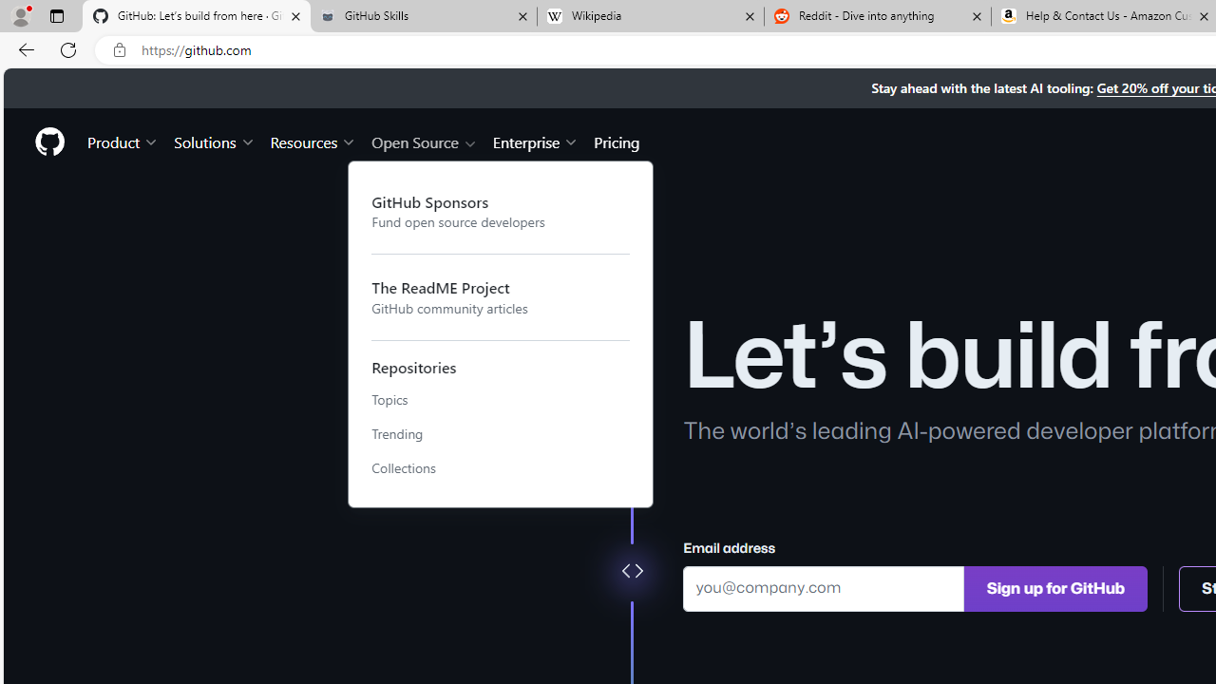 The width and height of the screenshot is (1216, 684). What do you see at coordinates (501, 399) in the screenshot?
I see `'Topics'` at bounding box center [501, 399].